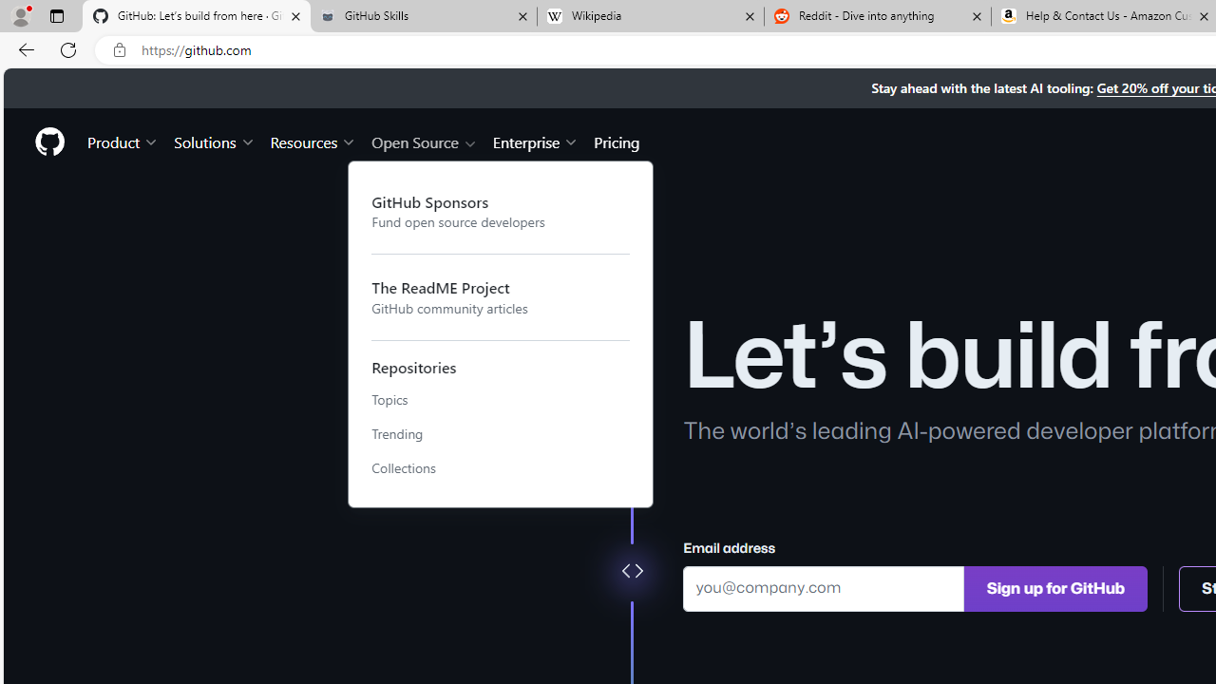 The width and height of the screenshot is (1216, 684). What do you see at coordinates (501, 399) in the screenshot?
I see `'Topics'` at bounding box center [501, 399].